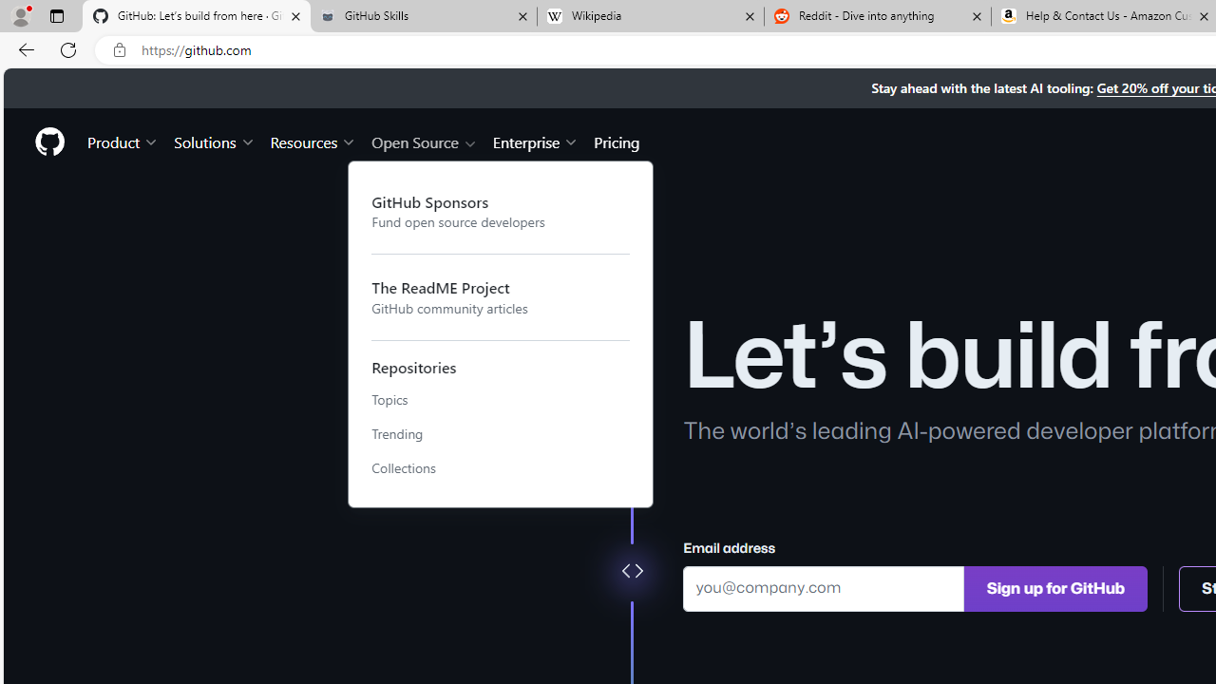 The width and height of the screenshot is (1216, 684). What do you see at coordinates (501, 399) in the screenshot?
I see `'Topics'` at bounding box center [501, 399].